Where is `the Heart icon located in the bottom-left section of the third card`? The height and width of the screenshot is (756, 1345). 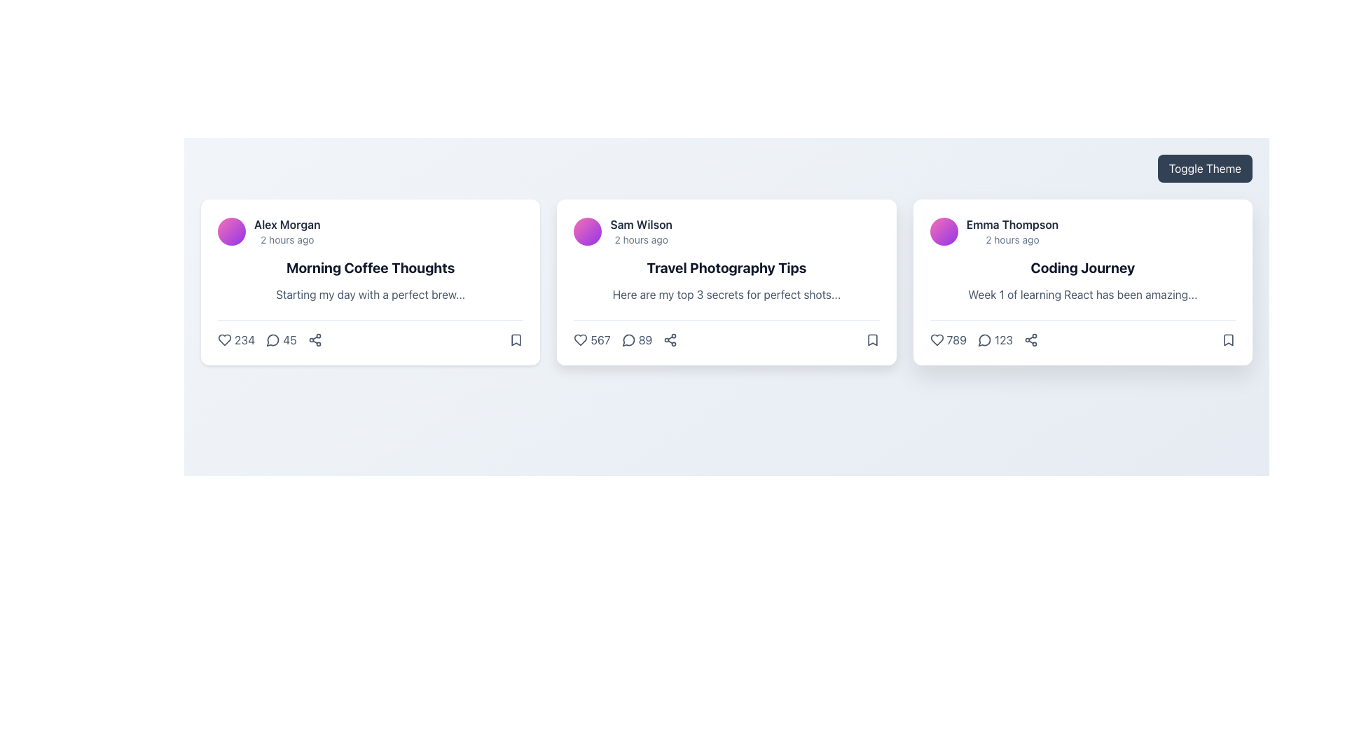
the Heart icon located in the bottom-left section of the third card is located at coordinates (937, 340).